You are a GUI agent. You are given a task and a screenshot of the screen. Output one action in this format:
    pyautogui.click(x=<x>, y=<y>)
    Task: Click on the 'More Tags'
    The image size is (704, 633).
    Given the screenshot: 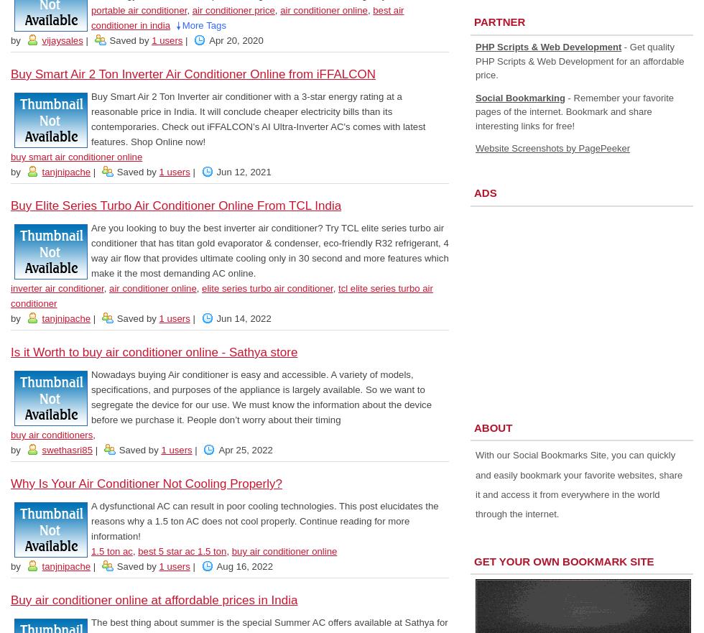 What is the action you would take?
    pyautogui.click(x=203, y=25)
    